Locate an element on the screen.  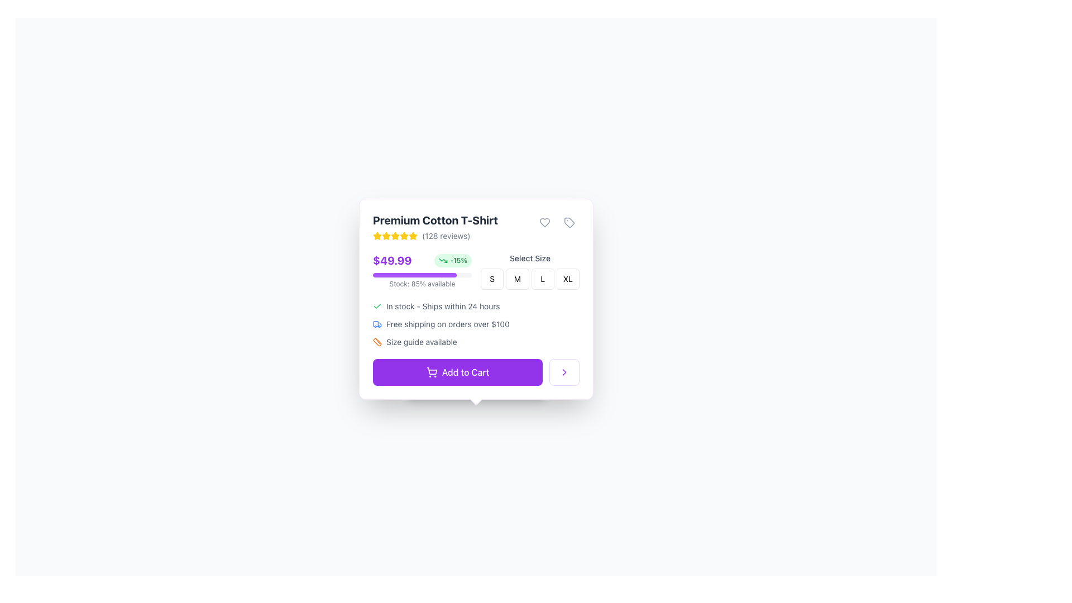
the 'Size guide available' icon, which is located to the left of the text 'Size guide available' within a content card layout is located at coordinates (377, 342).